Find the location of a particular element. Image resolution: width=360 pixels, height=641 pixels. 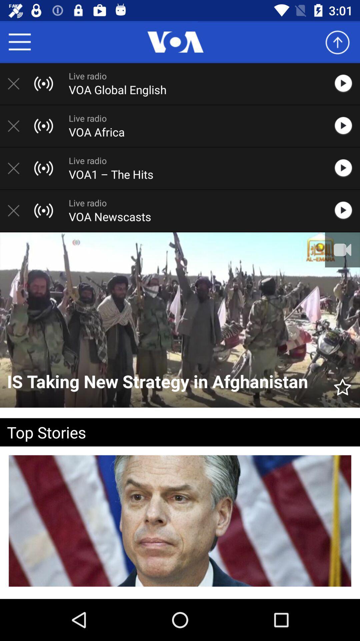

radio channel is located at coordinates (17, 83).